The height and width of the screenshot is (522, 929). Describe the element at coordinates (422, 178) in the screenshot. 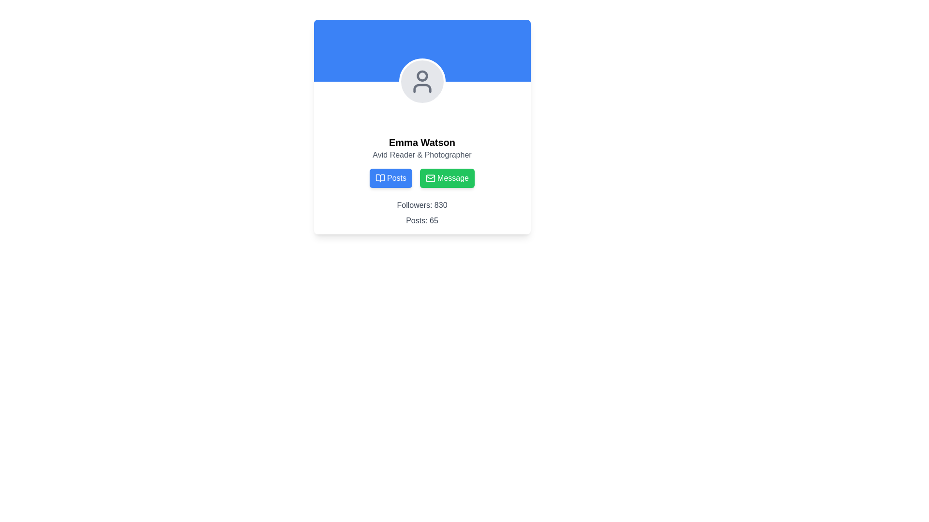

I see `the green rectangular 'Message' button with an envelope icon to send a message` at that location.